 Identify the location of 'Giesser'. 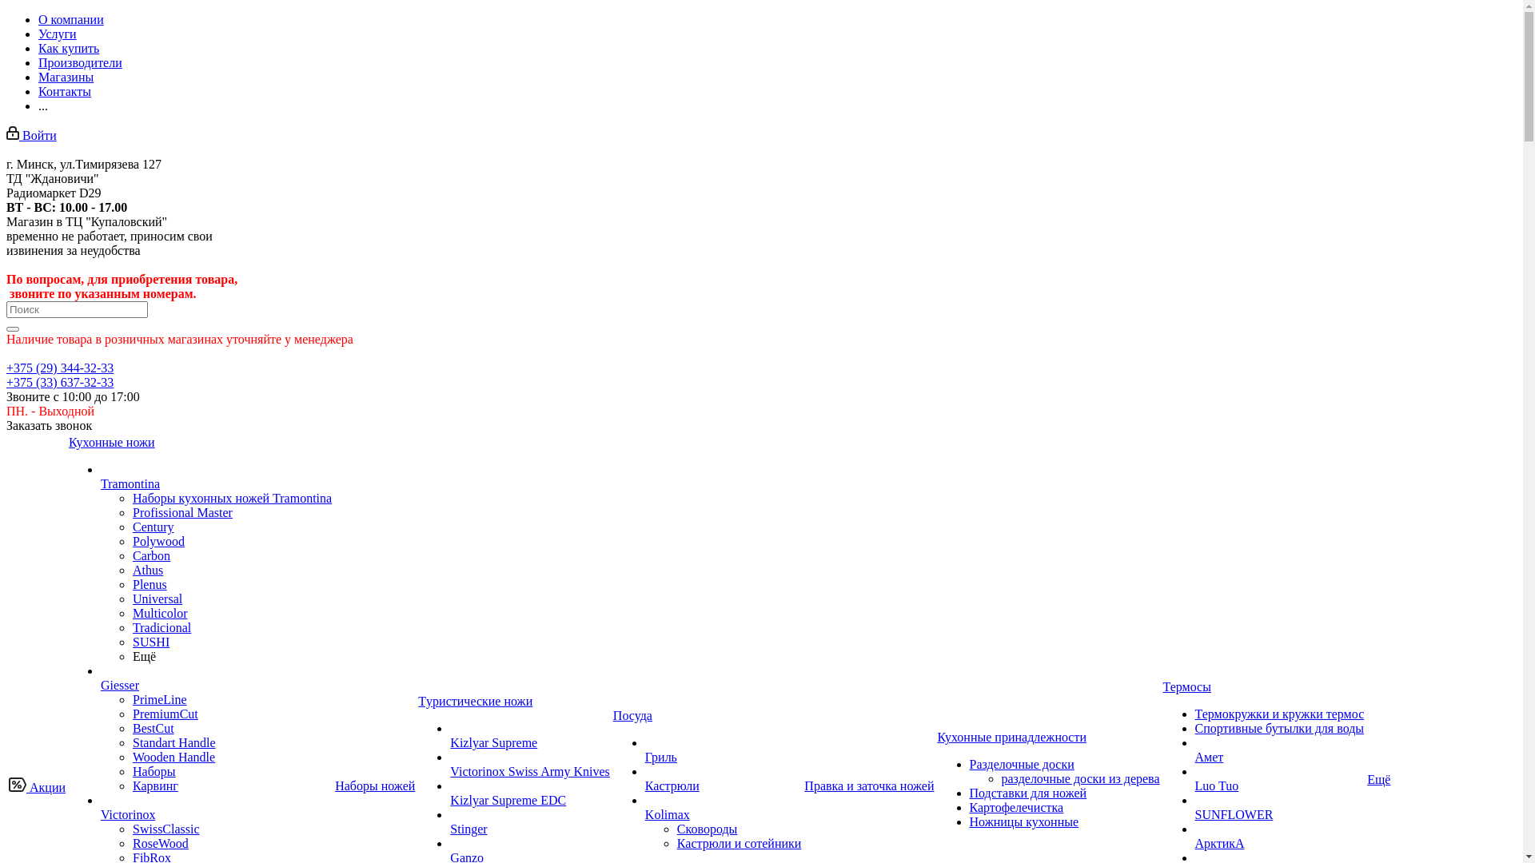
(100, 674).